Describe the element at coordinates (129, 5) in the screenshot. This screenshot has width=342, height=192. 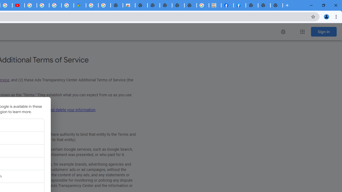
I see `'Chrome Web Store'` at that location.